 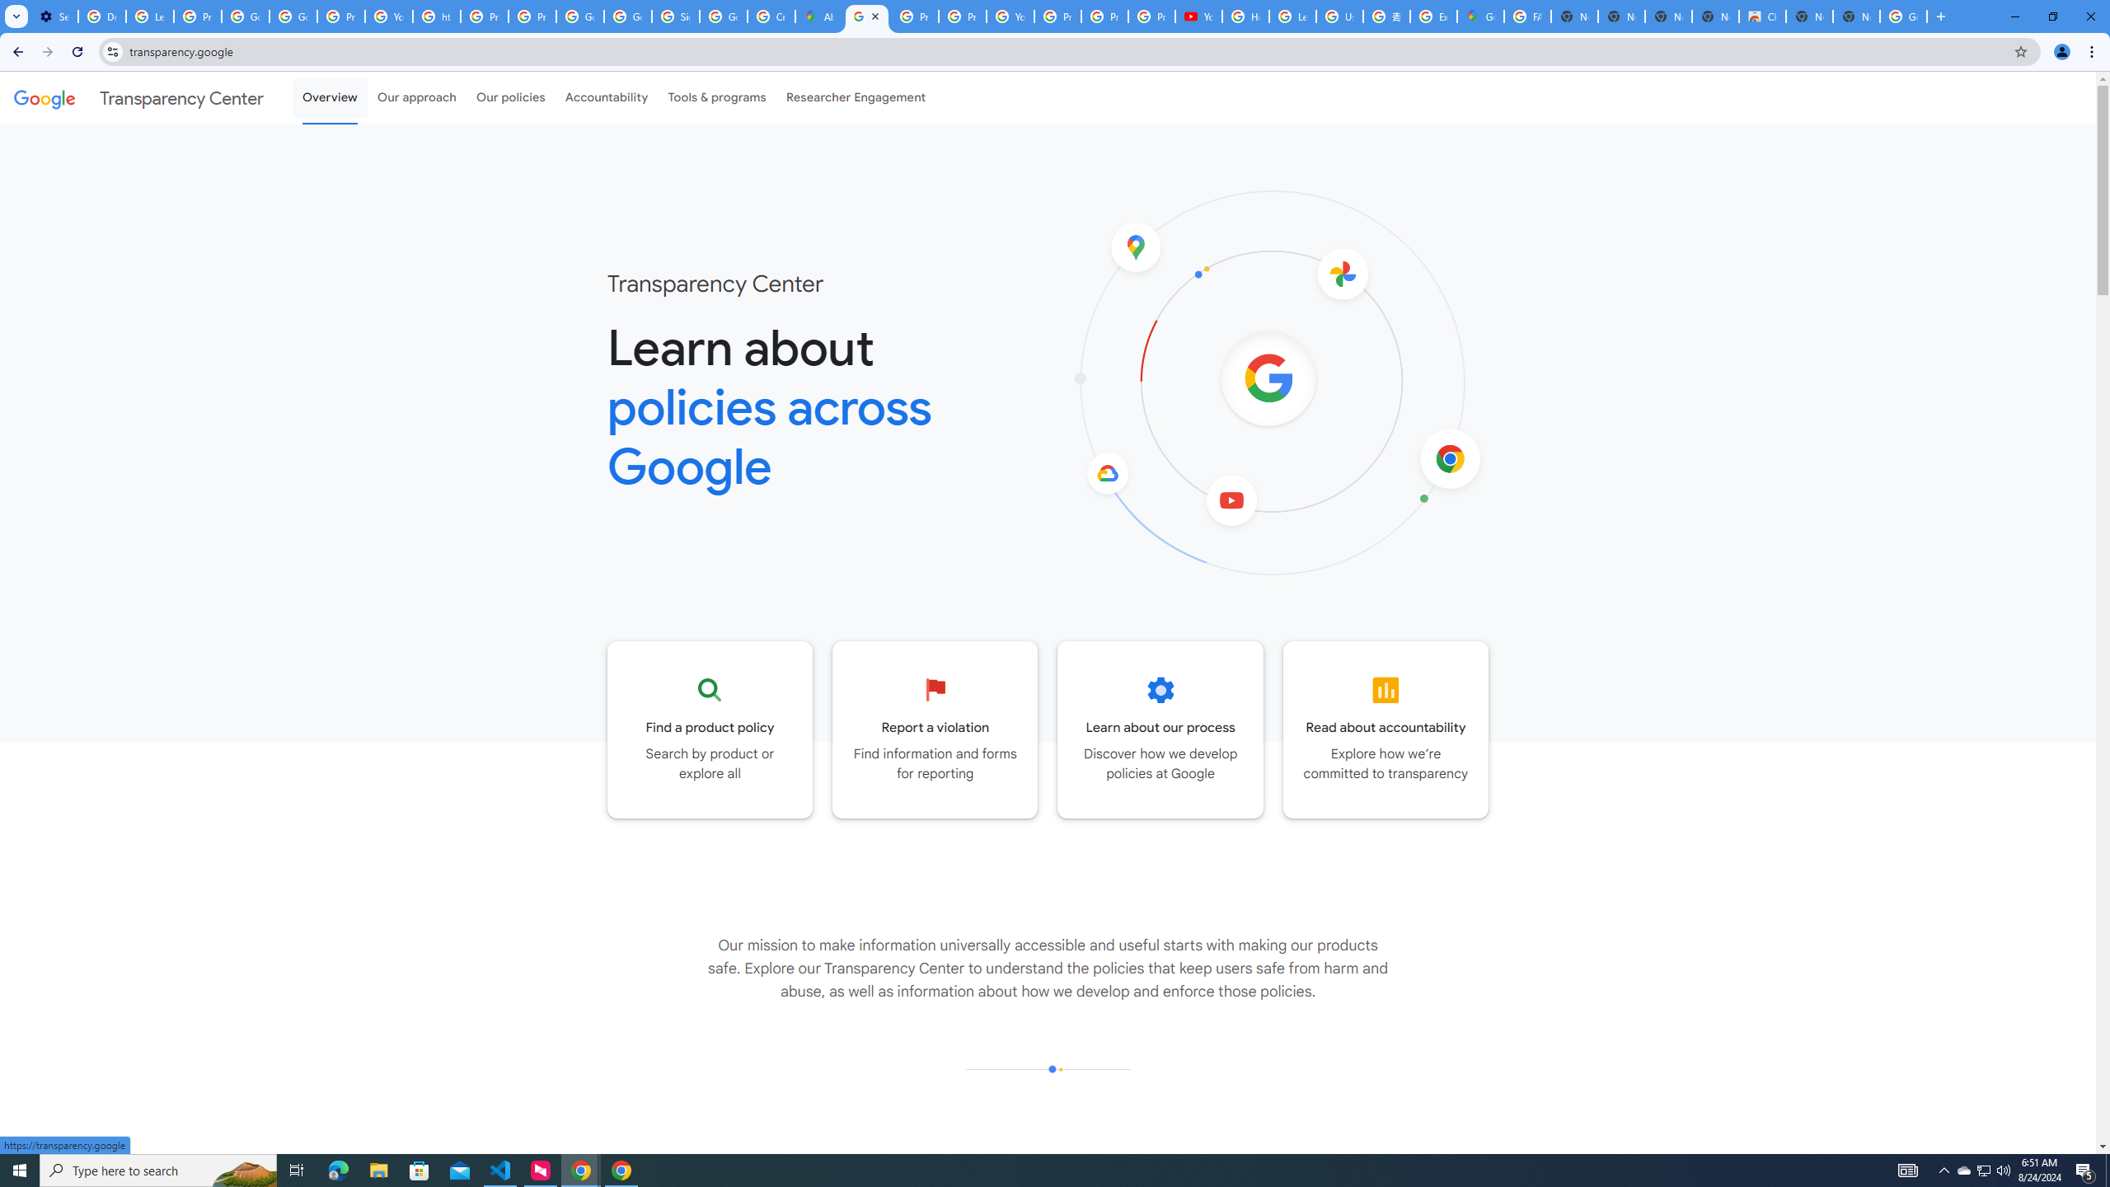 I want to click on 'Settings - On startup', so click(x=54, y=16).